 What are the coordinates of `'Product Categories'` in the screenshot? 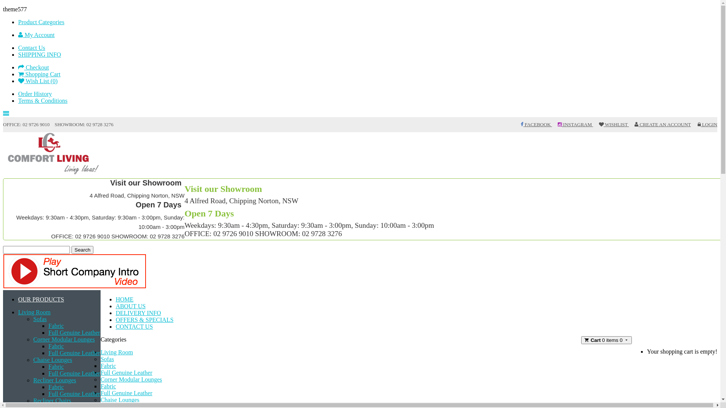 It's located at (41, 22).